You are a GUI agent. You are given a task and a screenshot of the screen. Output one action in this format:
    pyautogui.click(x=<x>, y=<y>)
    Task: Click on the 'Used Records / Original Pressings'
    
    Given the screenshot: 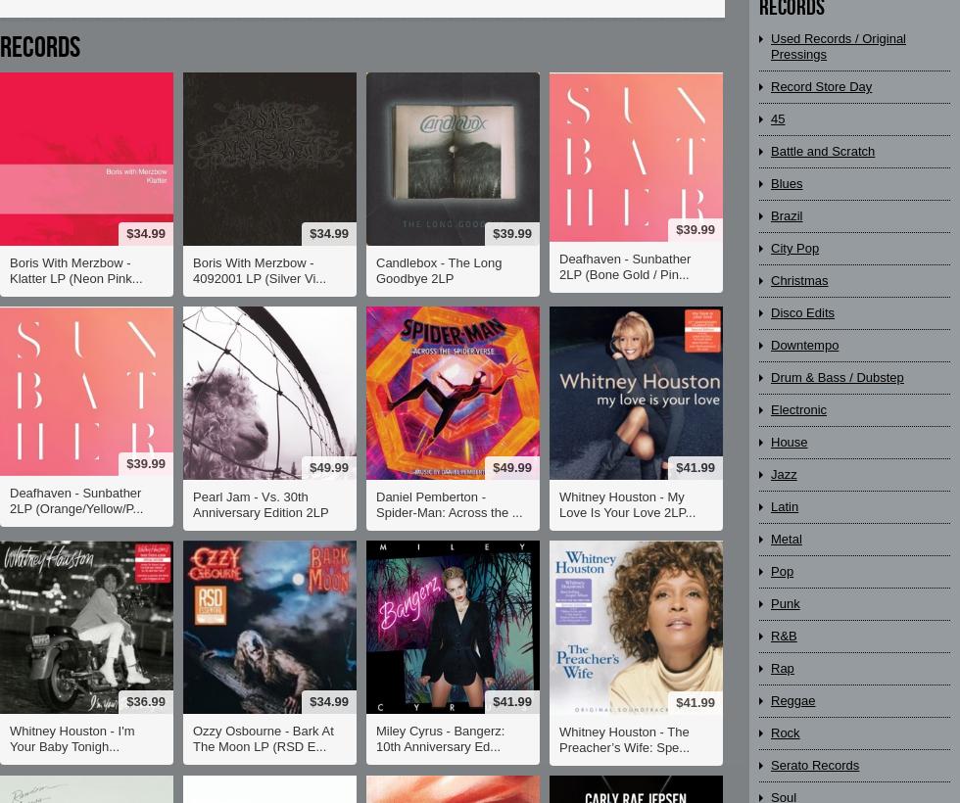 What is the action you would take?
    pyautogui.click(x=839, y=45)
    